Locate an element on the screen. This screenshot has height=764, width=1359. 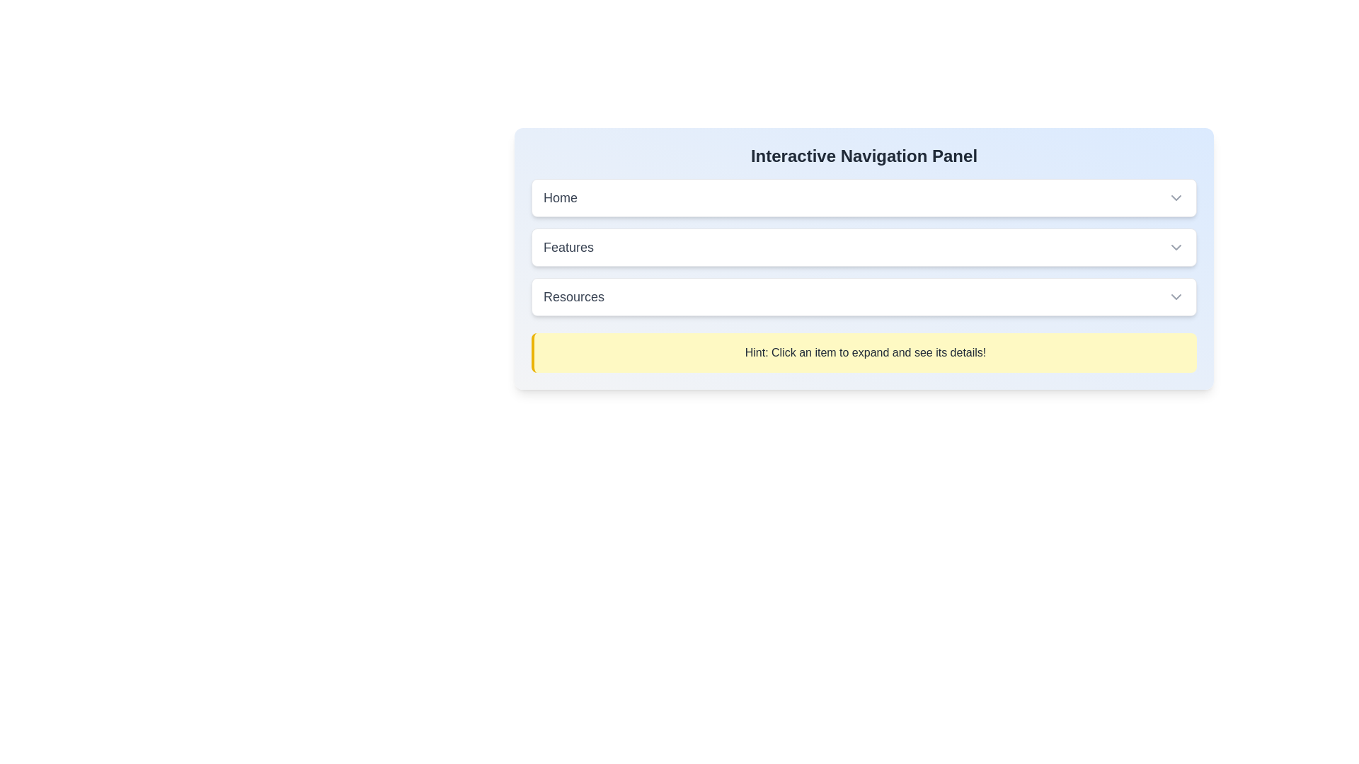
text label for the third item in the vertical navigation menu, which serves as the label for an expandable/collapsible section related to the interface or application is located at coordinates (574, 296).